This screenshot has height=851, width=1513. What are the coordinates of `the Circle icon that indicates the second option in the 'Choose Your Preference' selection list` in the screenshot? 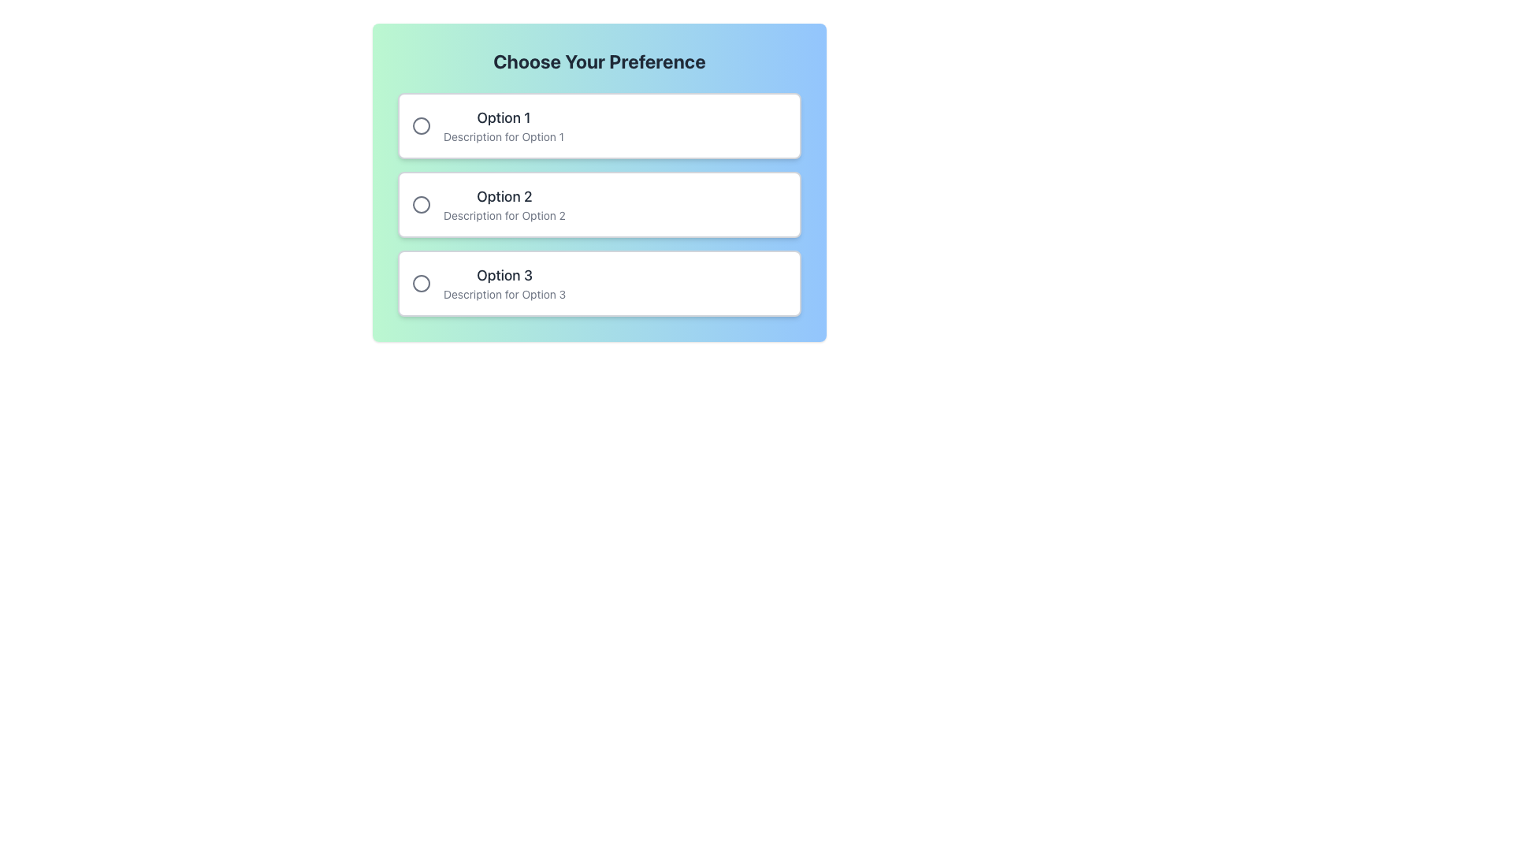 It's located at (421, 203).